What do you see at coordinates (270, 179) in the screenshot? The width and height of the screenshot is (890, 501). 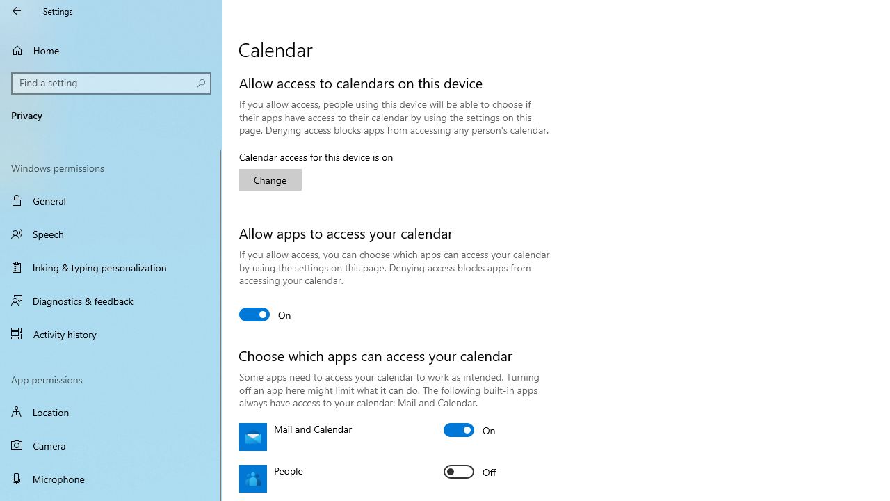 I see `'Change'` at bounding box center [270, 179].